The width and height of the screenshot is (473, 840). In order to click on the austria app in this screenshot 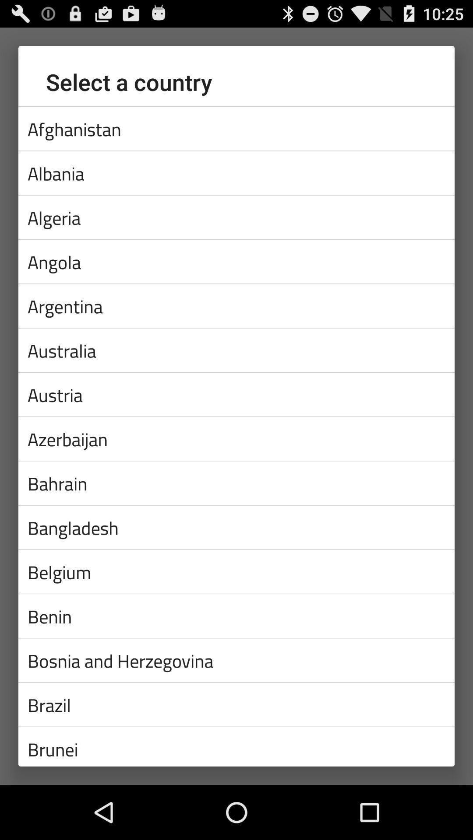, I will do `click(236, 394)`.